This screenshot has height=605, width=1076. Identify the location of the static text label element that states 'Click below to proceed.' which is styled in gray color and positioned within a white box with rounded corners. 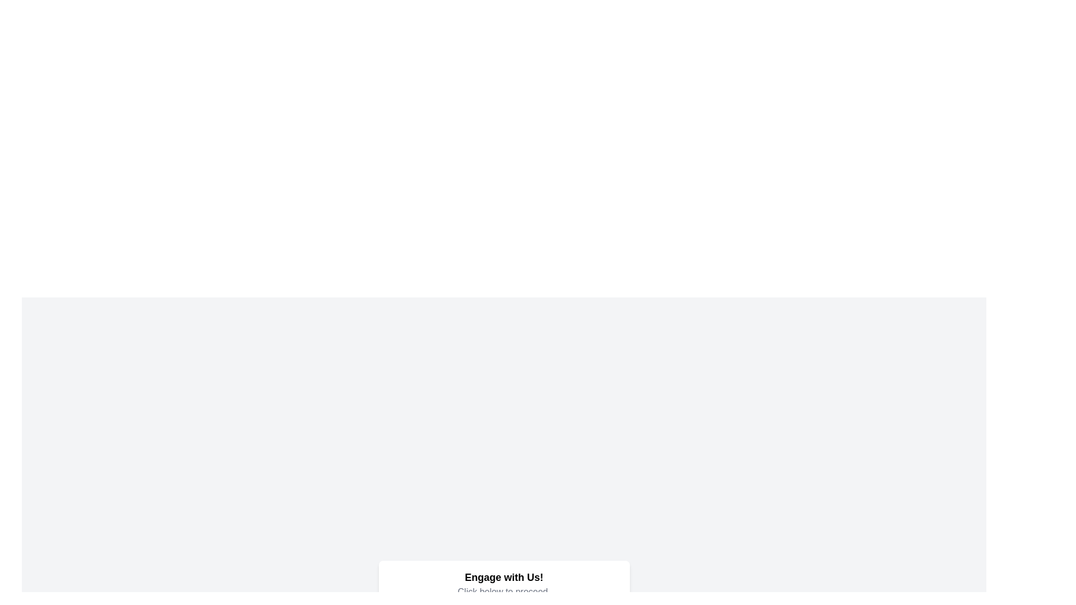
(503, 591).